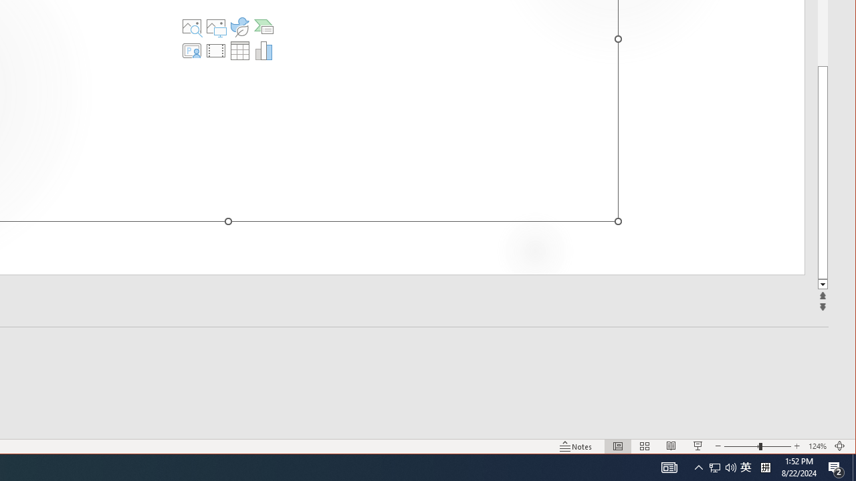 Image resolution: width=856 pixels, height=481 pixels. What do you see at coordinates (836, 466) in the screenshot?
I see `'Action Center, 2 new notifications'` at bounding box center [836, 466].